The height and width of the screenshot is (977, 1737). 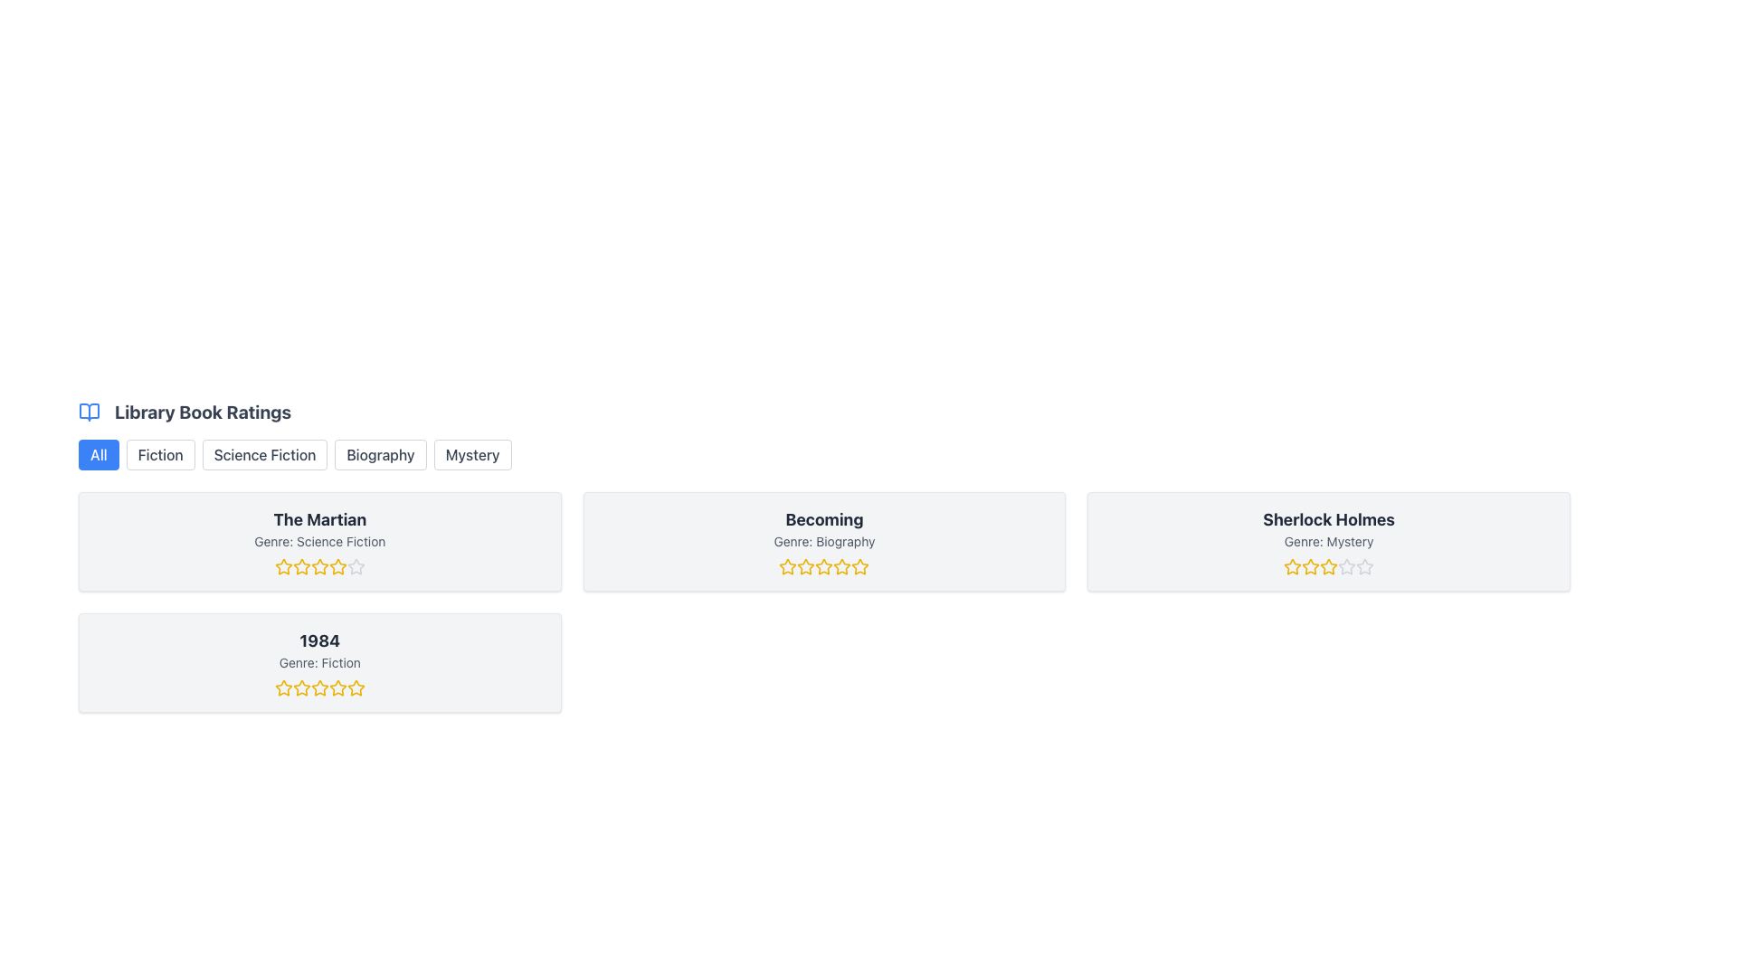 I want to click on the static text label indicating the genre of 'Sherlock Holmes' as 'Mystery', located beneath the title and above rating stars, so click(x=1329, y=540).